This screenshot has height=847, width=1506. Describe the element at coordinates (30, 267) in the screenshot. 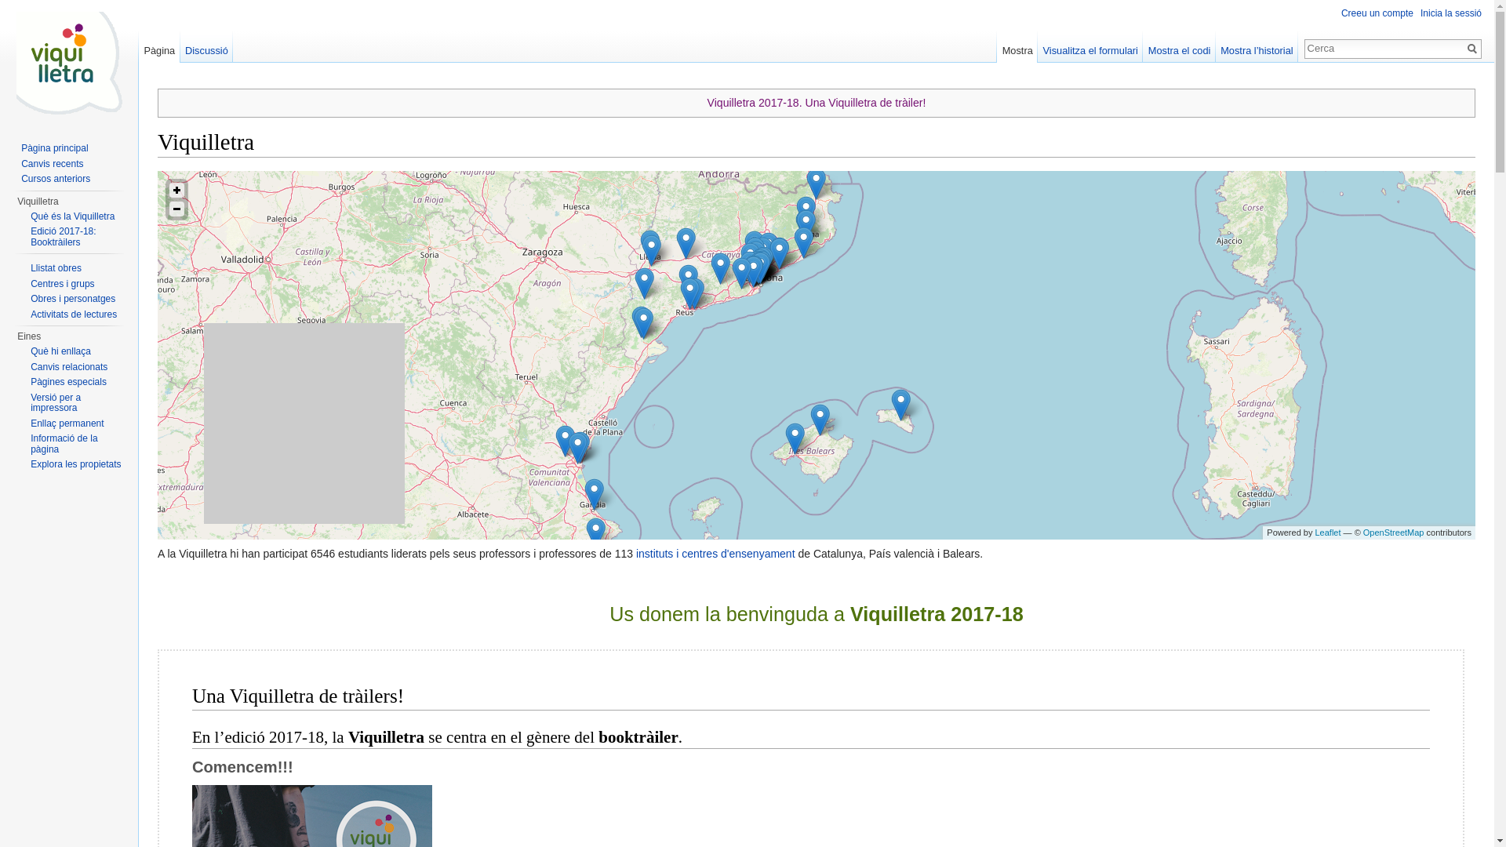

I see `'Llistat obres'` at that location.